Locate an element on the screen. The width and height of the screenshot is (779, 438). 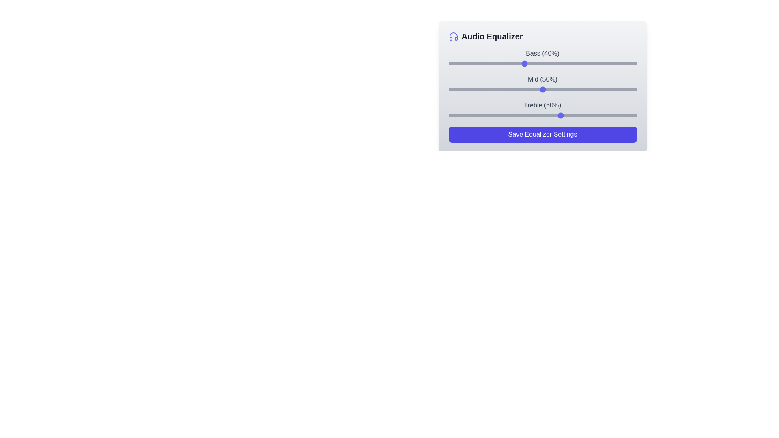
the bass slider to set its value to 4% is located at coordinates (456, 63).